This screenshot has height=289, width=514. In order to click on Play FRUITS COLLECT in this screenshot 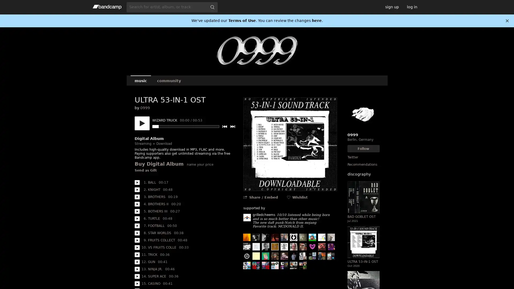, I will do `click(137, 240)`.